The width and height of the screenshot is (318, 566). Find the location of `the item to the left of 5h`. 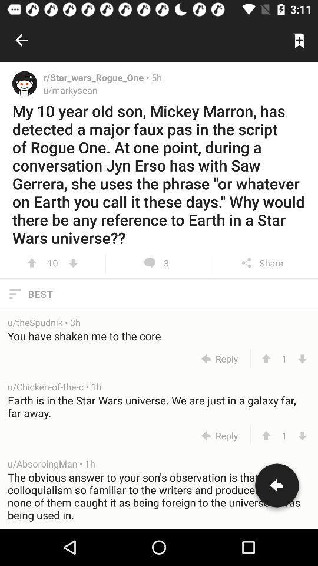

the item to the left of 5h is located at coordinates (97, 77).